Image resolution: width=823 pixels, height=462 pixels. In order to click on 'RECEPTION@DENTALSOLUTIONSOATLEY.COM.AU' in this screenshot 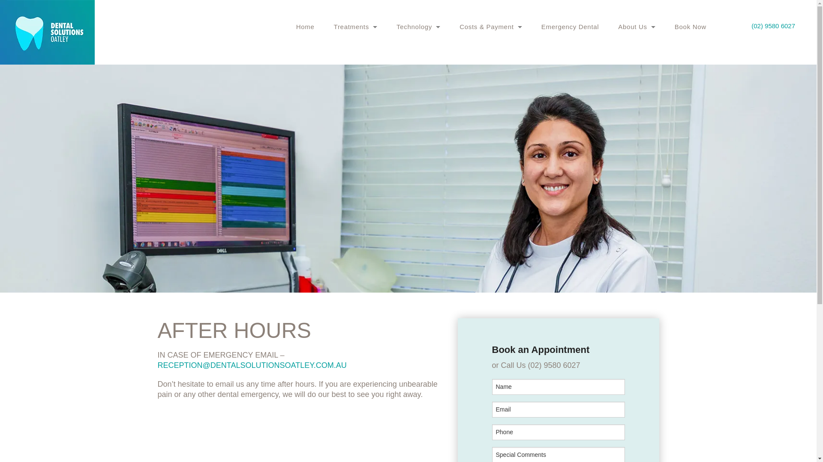, I will do `click(252, 365)`.